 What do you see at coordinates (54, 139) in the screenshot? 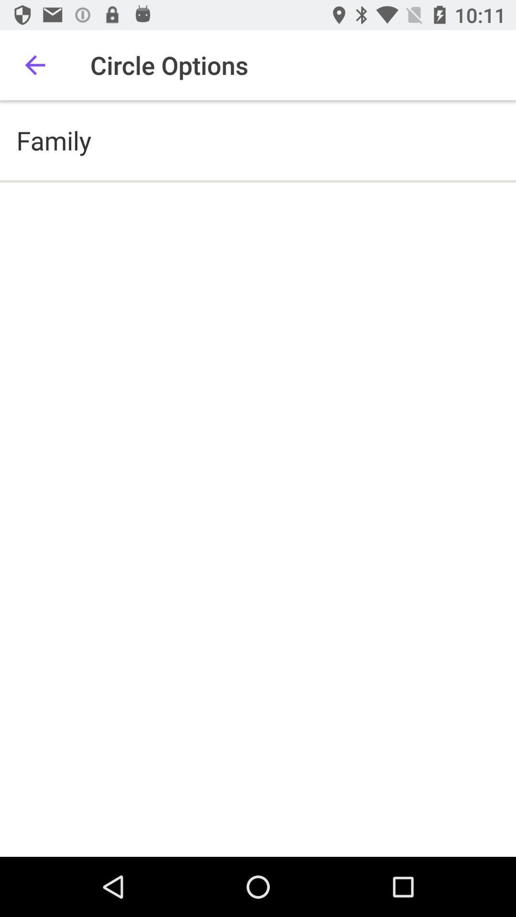
I see `family icon` at bounding box center [54, 139].